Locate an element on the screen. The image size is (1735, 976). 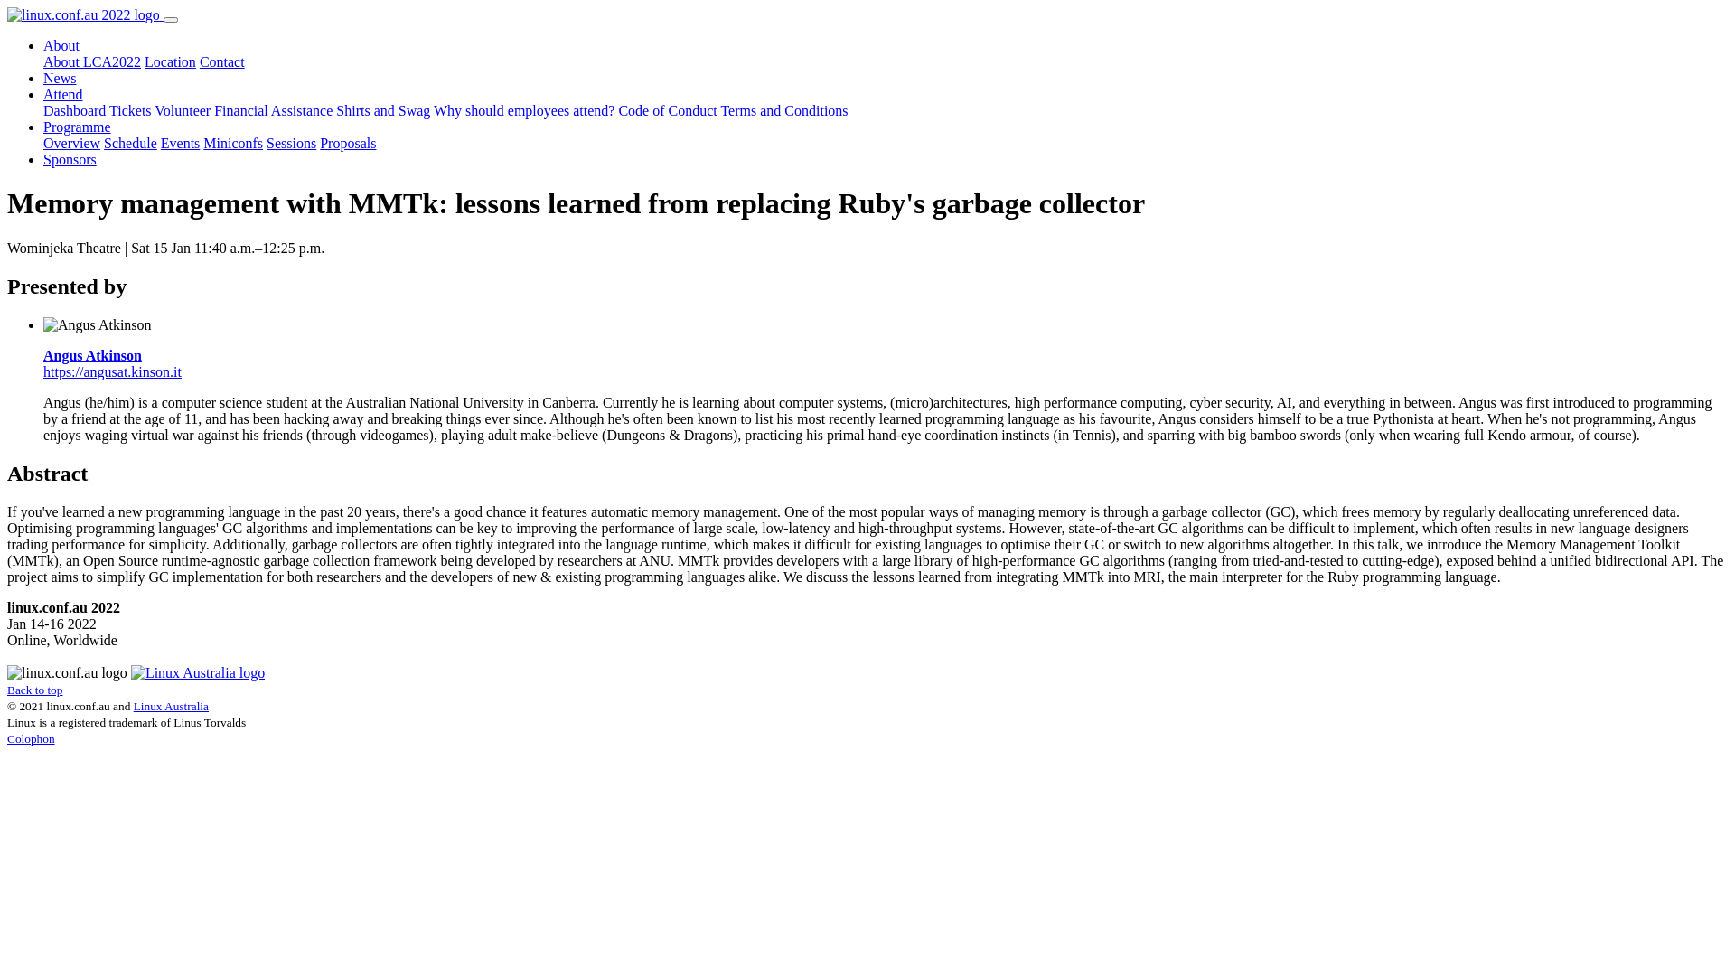
'Linux Australia' is located at coordinates (171, 705).